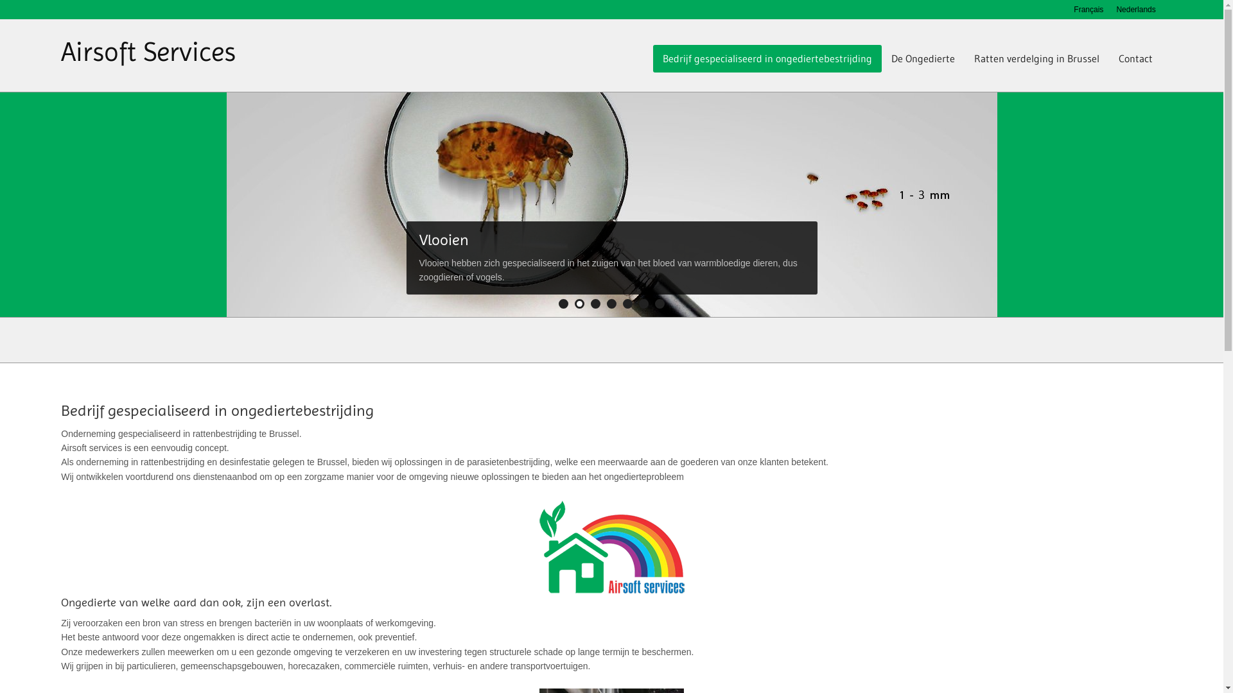 This screenshot has width=1233, height=693. I want to click on 'Nederlands', so click(1135, 10).